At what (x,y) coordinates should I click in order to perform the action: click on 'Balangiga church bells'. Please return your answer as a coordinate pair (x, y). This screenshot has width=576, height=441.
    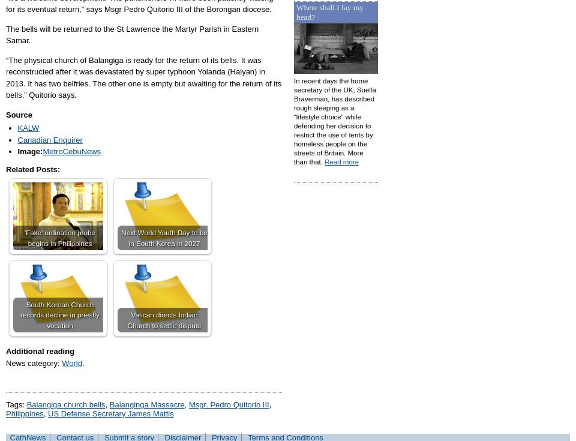
    Looking at the image, I should click on (25, 404).